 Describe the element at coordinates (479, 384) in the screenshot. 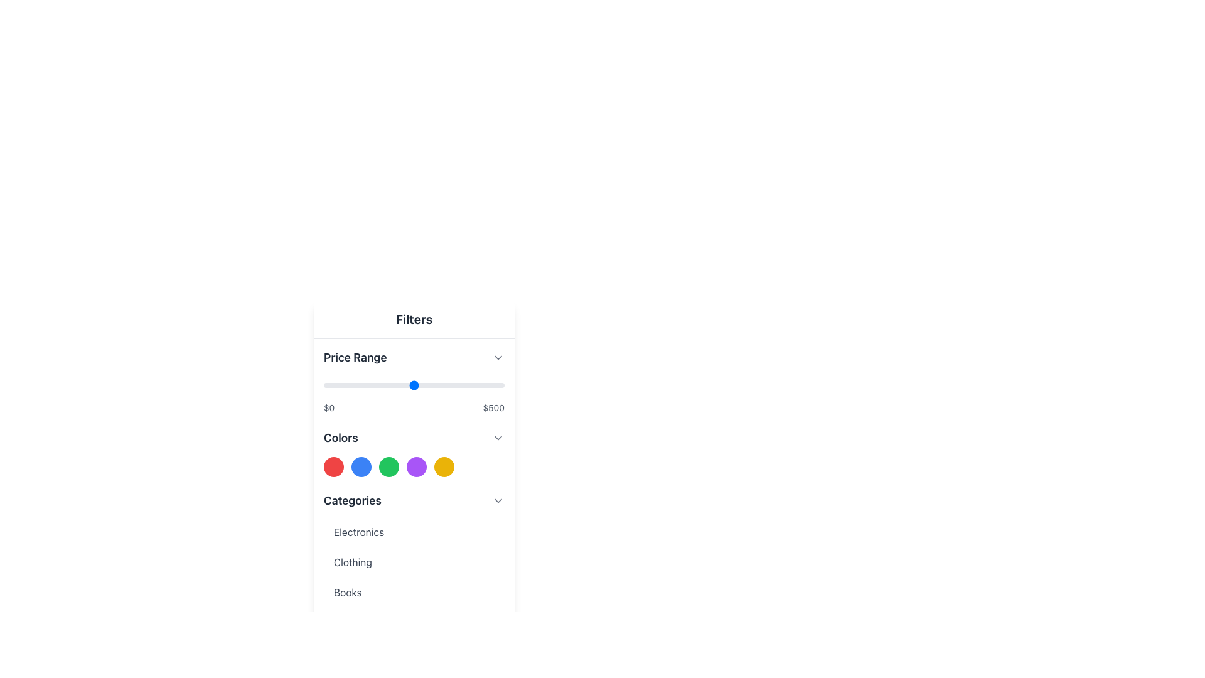

I see `the price range` at that location.